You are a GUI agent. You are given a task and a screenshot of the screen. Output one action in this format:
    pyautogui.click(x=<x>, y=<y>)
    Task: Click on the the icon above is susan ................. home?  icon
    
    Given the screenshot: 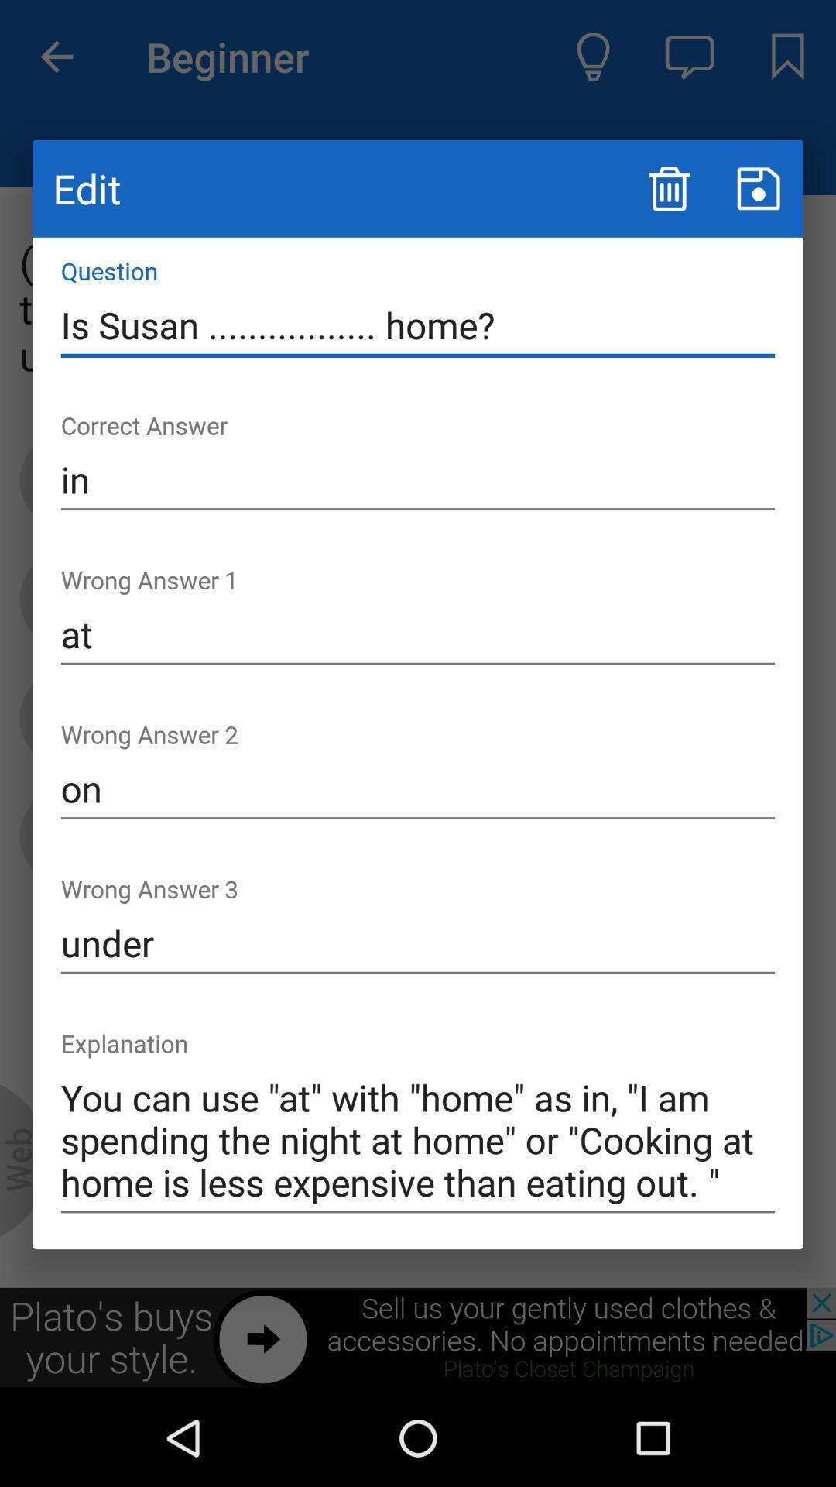 What is the action you would take?
    pyautogui.click(x=668, y=187)
    